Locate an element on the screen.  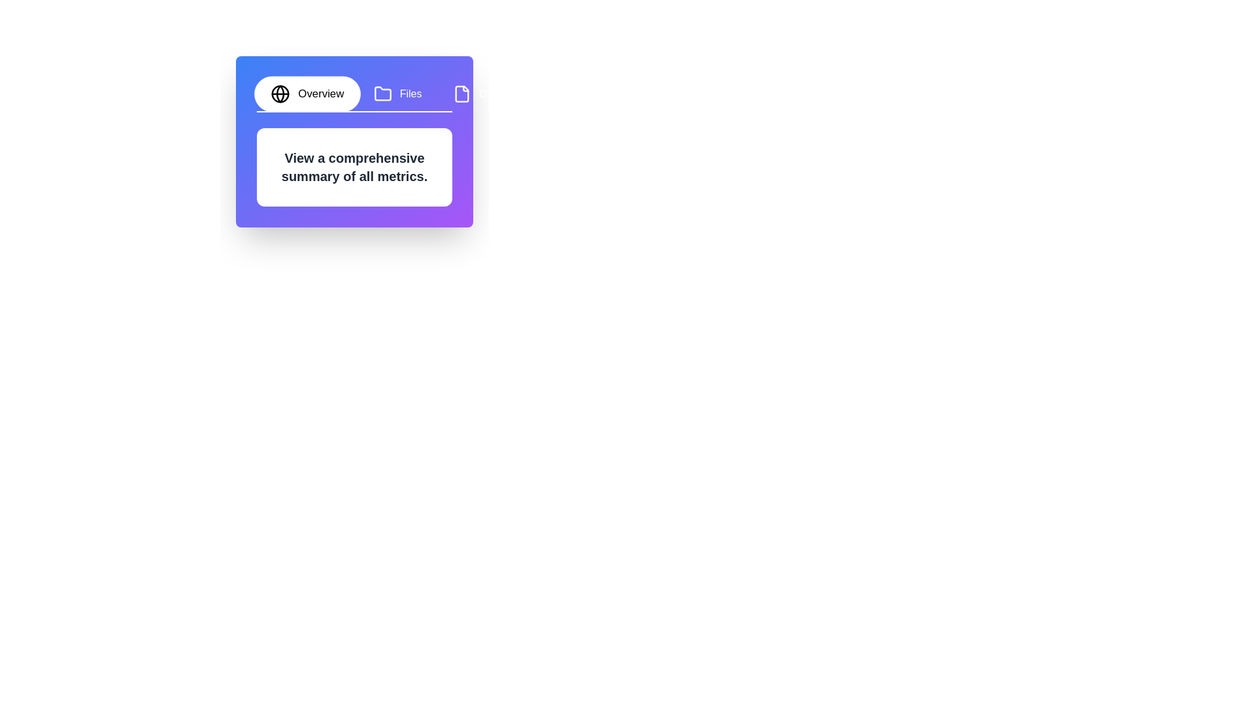
the tab labeled Details to switch to its content is located at coordinates (481, 93).